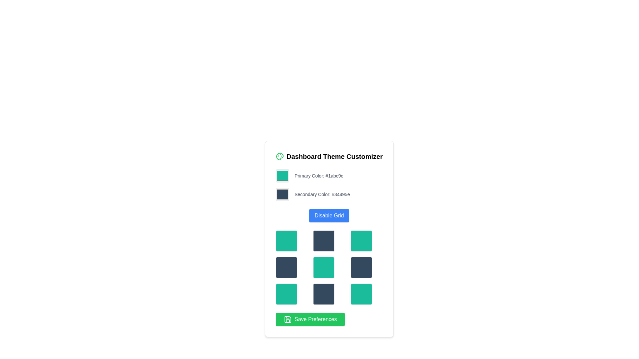 The width and height of the screenshot is (639, 359). I want to click on the color picker box with a dark blue-gray color (#34495e), so click(283, 194).